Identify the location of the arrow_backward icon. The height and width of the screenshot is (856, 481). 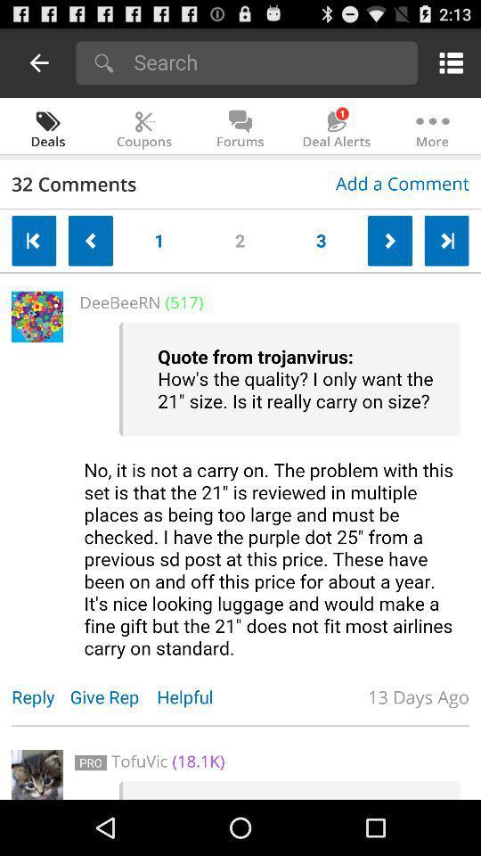
(34, 257).